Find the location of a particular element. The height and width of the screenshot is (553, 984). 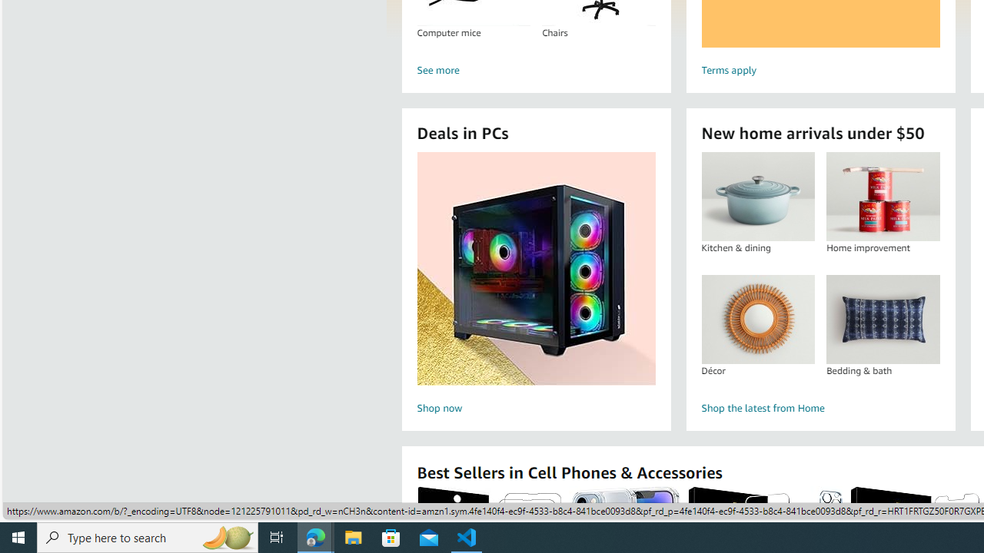

'Home improvement' is located at coordinates (883, 196).